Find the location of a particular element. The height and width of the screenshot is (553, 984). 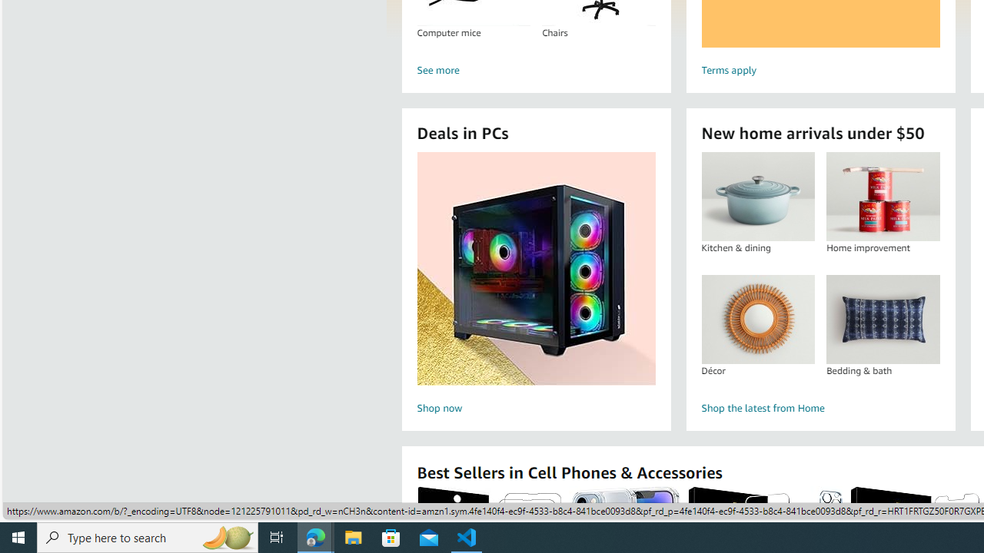

'Home improvement' is located at coordinates (883, 196).